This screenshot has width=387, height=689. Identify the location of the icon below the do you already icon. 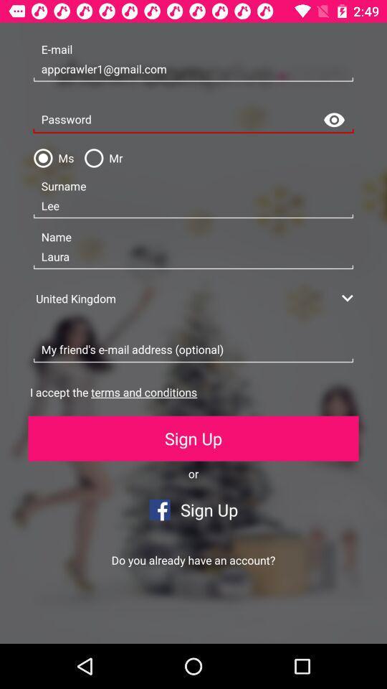
(97, 620).